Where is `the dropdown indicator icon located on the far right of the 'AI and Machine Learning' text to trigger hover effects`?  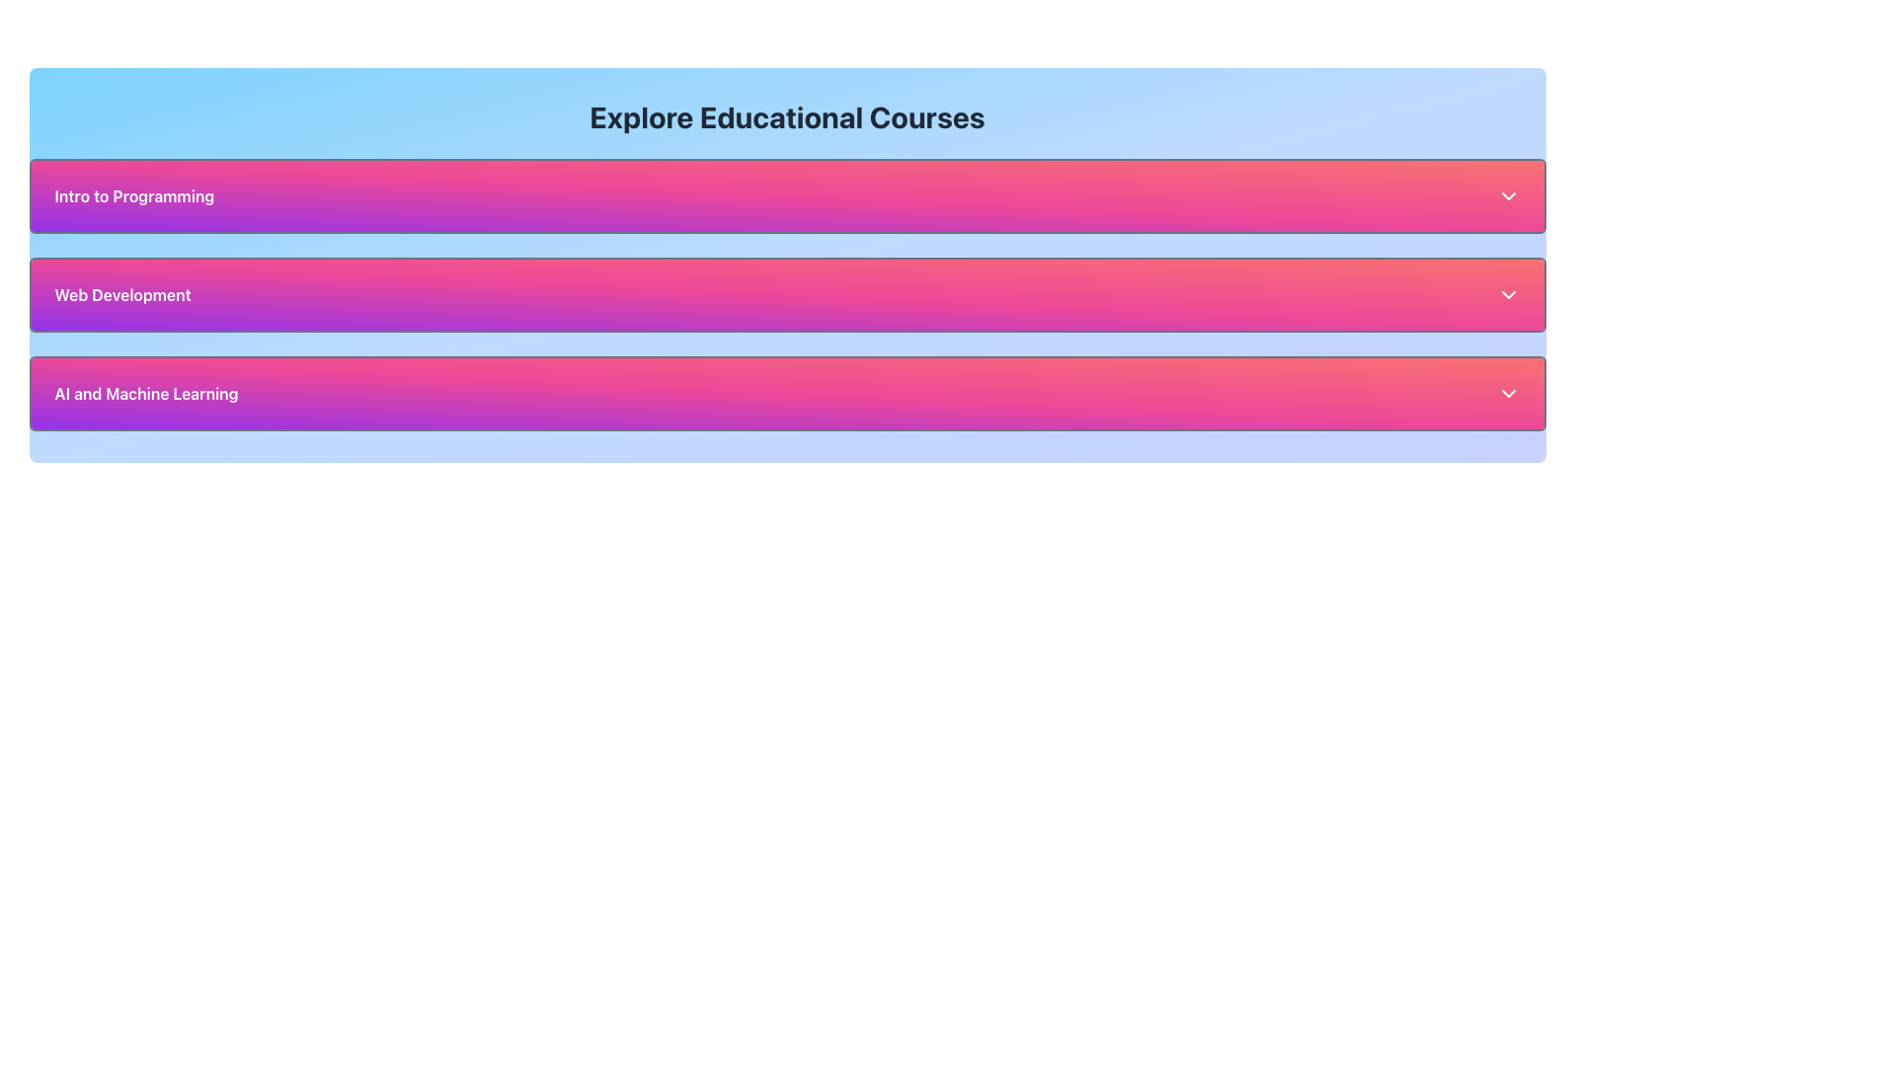 the dropdown indicator icon located on the far right of the 'AI and Machine Learning' text to trigger hover effects is located at coordinates (1507, 393).